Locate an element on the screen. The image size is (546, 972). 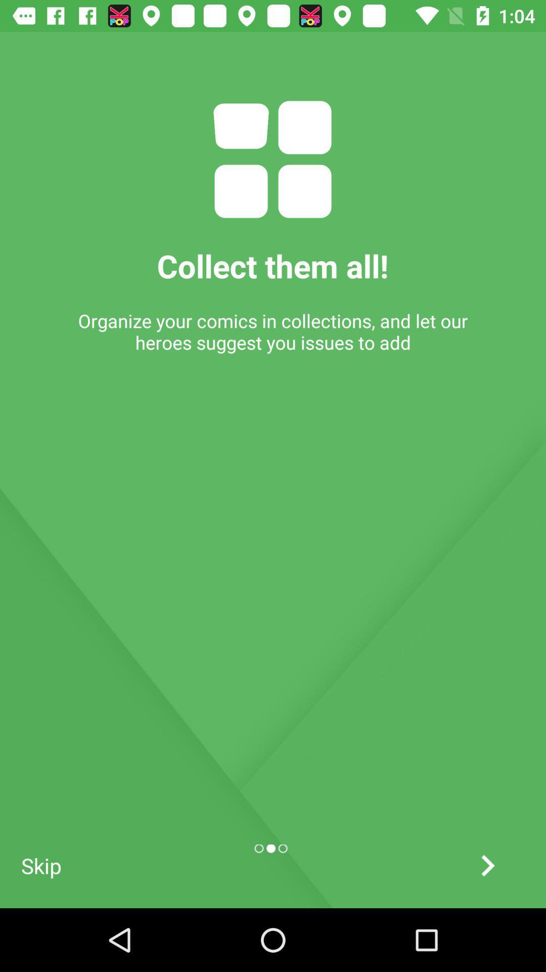
next is located at coordinates (487, 865).